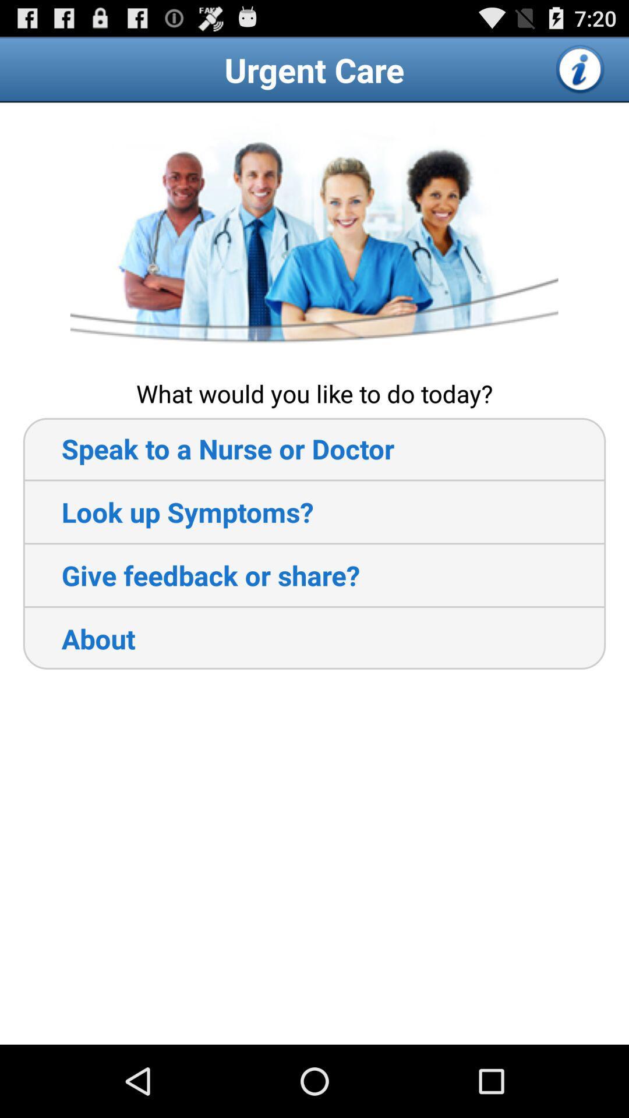 The width and height of the screenshot is (629, 1118). Describe the element at coordinates (208, 448) in the screenshot. I see `speak to a icon` at that location.